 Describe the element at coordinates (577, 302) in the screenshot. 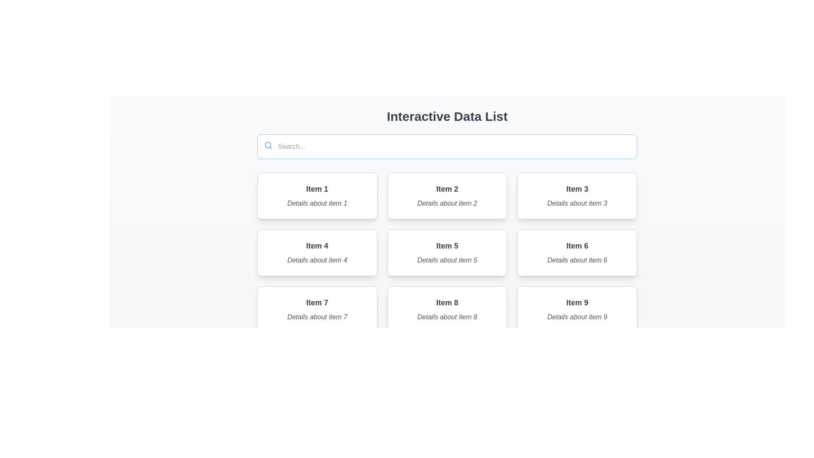

I see `the text label displaying 'Item 9' in bold formatting` at that location.